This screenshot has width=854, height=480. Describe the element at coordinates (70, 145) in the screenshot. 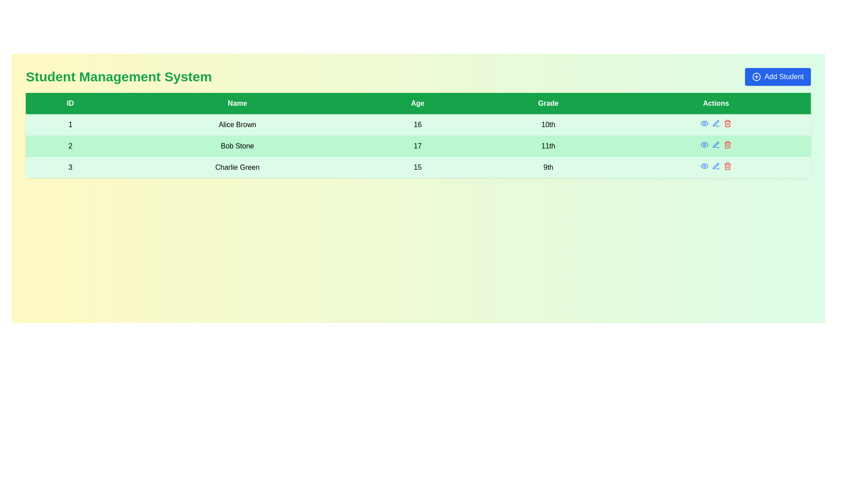

I see `the bold, black numeric value in the leftmost cell of the second row of the table under the 'ID' header, which is part of a student management system interface` at that location.